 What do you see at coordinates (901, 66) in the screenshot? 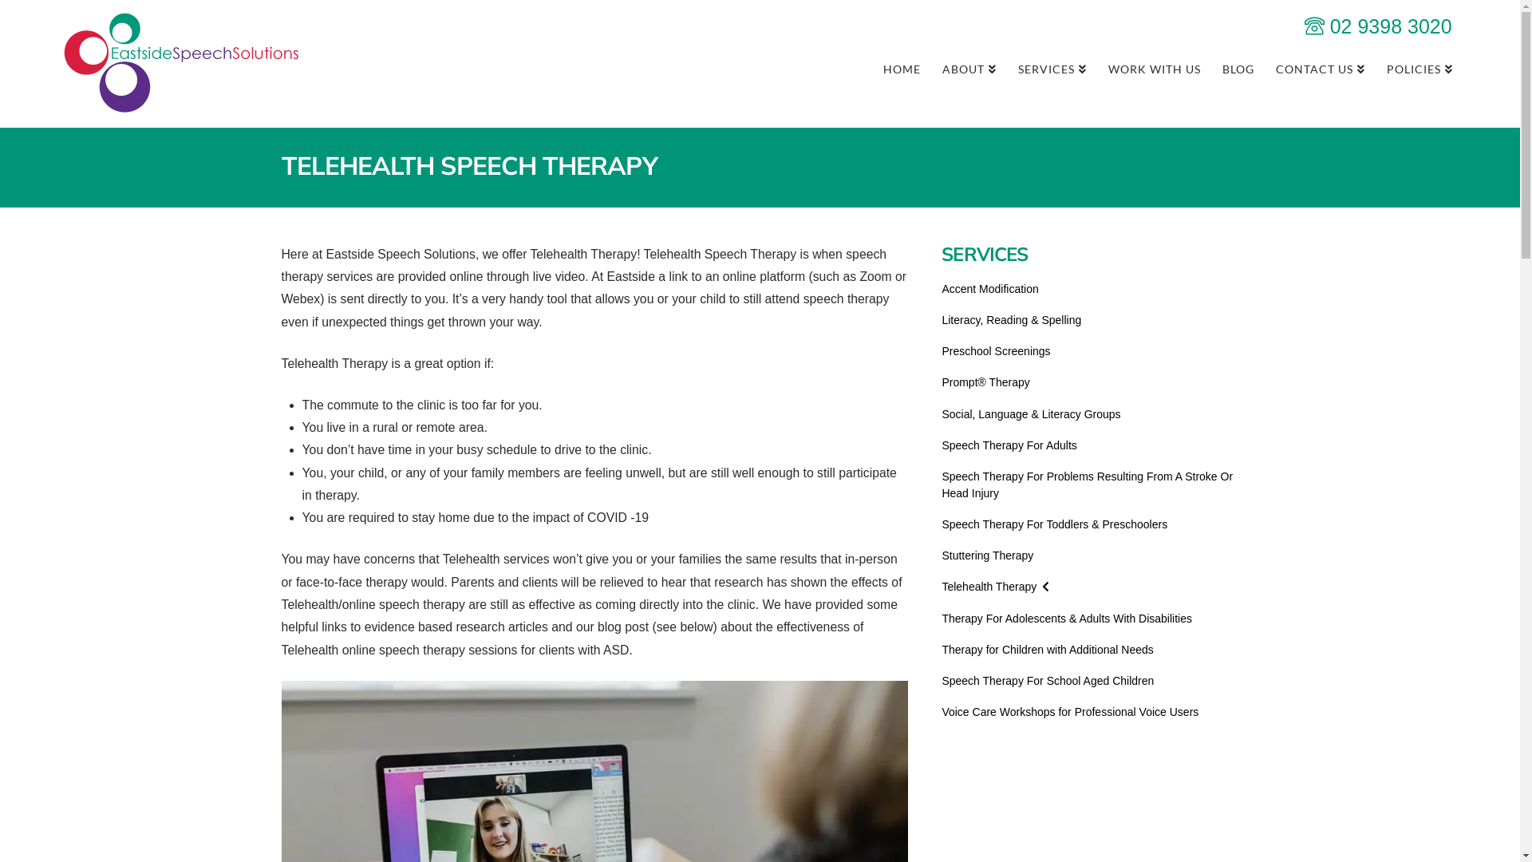
I see `'HOME'` at bounding box center [901, 66].